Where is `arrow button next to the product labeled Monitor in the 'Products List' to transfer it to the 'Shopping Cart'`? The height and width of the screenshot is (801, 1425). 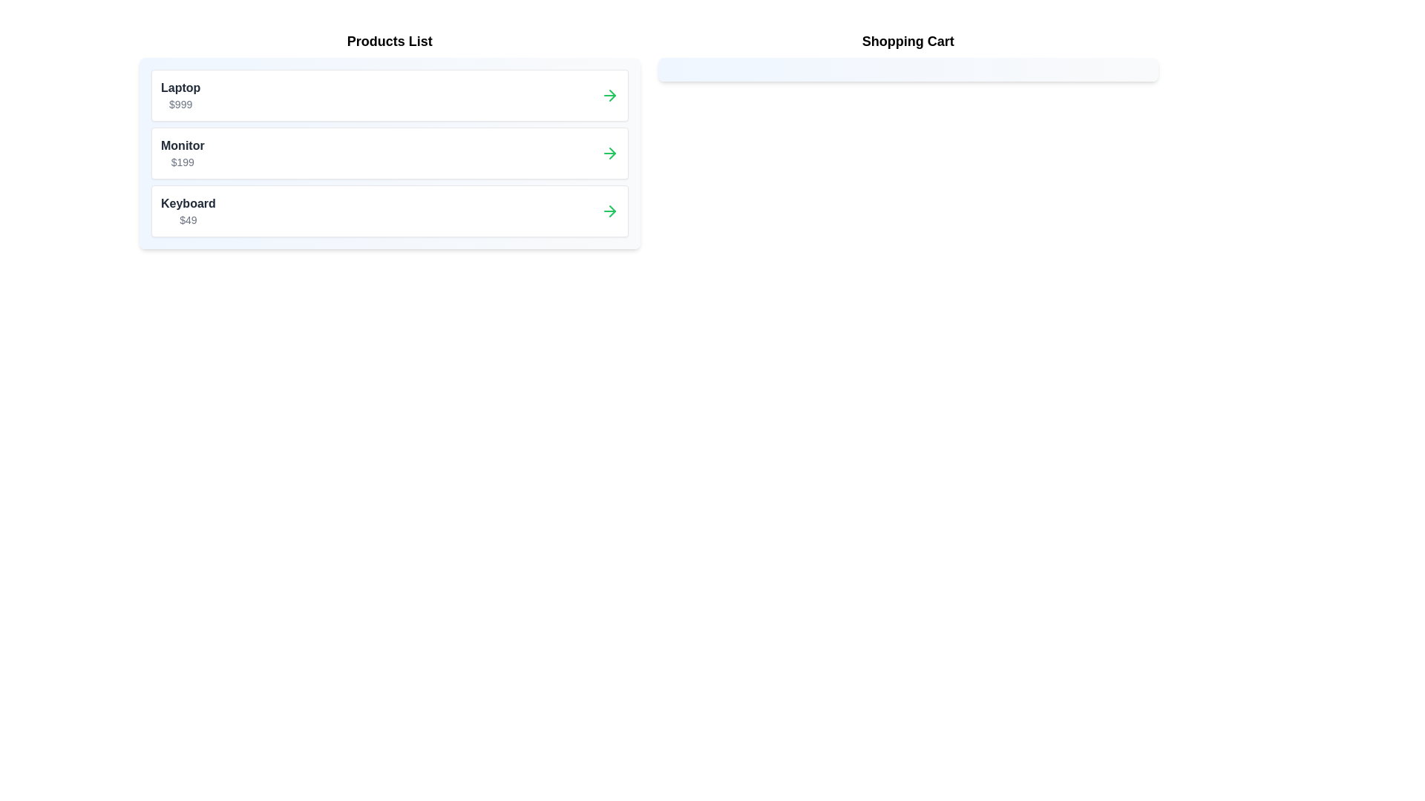 arrow button next to the product labeled Monitor in the 'Products List' to transfer it to the 'Shopping Cart' is located at coordinates (609, 154).